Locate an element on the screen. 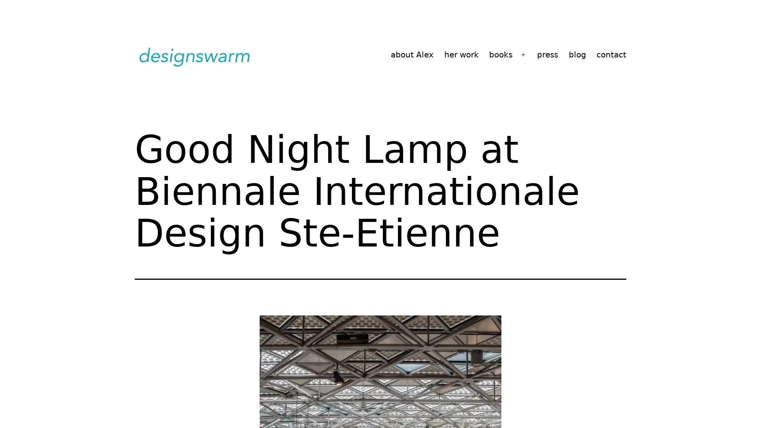 The height and width of the screenshot is (428, 761). Open menu is located at coordinates (523, 54).